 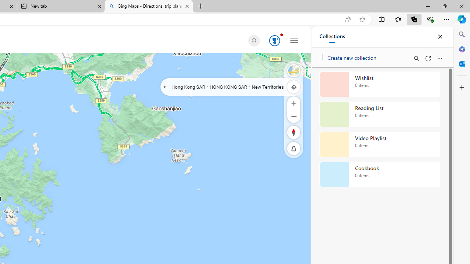 I want to click on 'Settings and quick links', so click(x=294, y=40).